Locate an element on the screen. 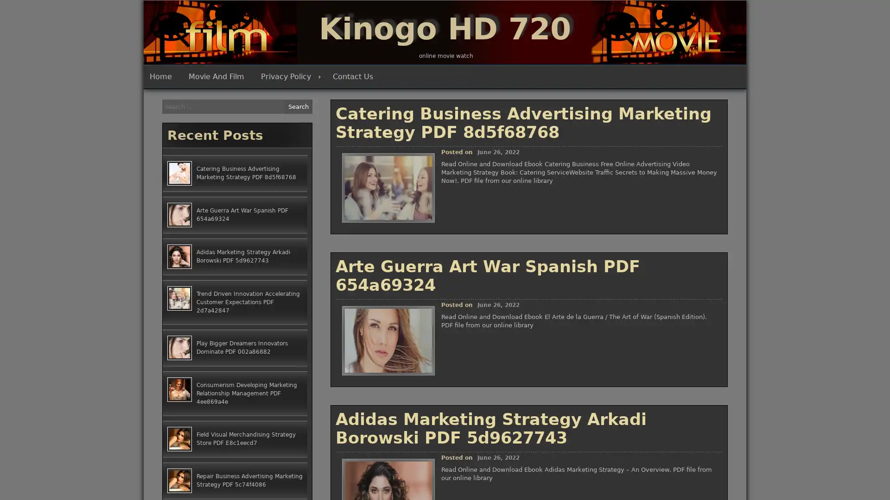 The height and width of the screenshot is (500, 890). Search is located at coordinates (298, 106).